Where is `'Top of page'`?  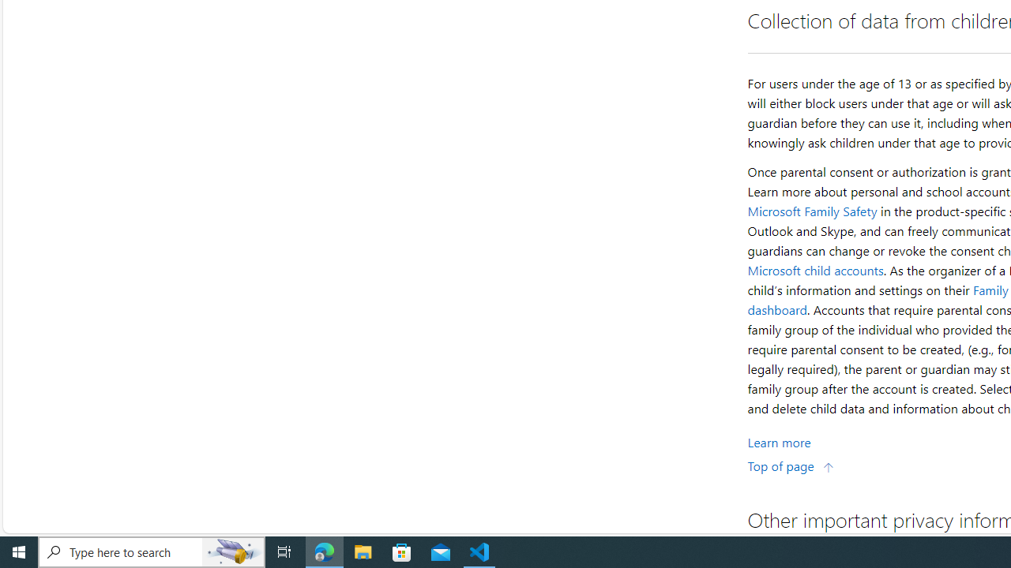
'Top of page' is located at coordinates (791, 465).